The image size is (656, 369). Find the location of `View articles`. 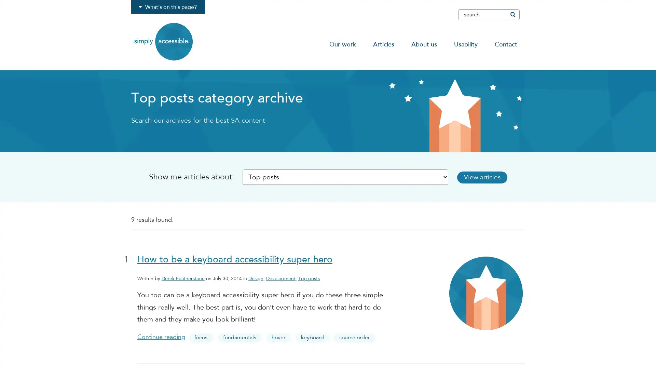

View articles is located at coordinates (485, 177).